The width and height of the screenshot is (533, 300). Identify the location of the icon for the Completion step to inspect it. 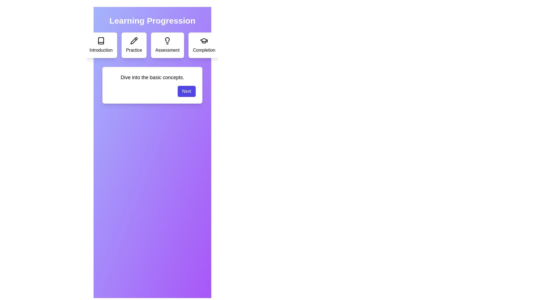
(204, 40).